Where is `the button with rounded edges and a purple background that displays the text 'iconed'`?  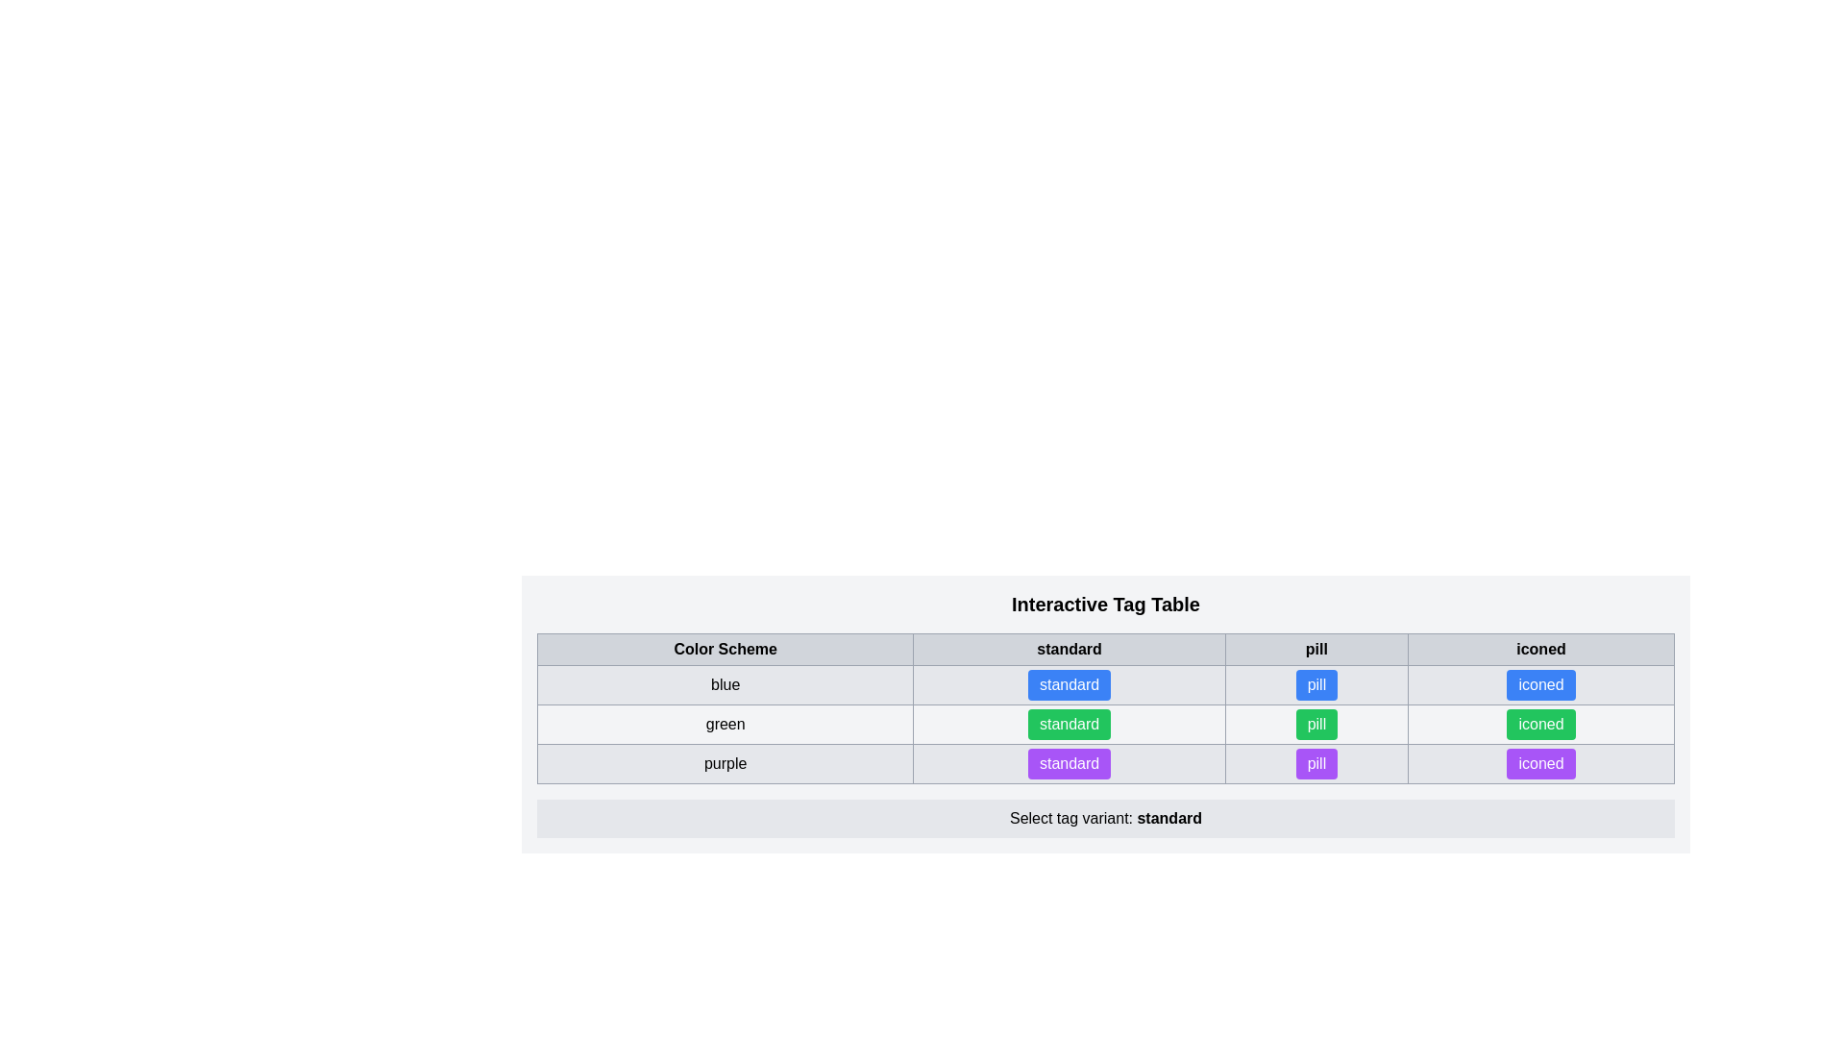
the button with rounded edges and a purple background that displays the text 'iconed' is located at coordinates (1540, 762).